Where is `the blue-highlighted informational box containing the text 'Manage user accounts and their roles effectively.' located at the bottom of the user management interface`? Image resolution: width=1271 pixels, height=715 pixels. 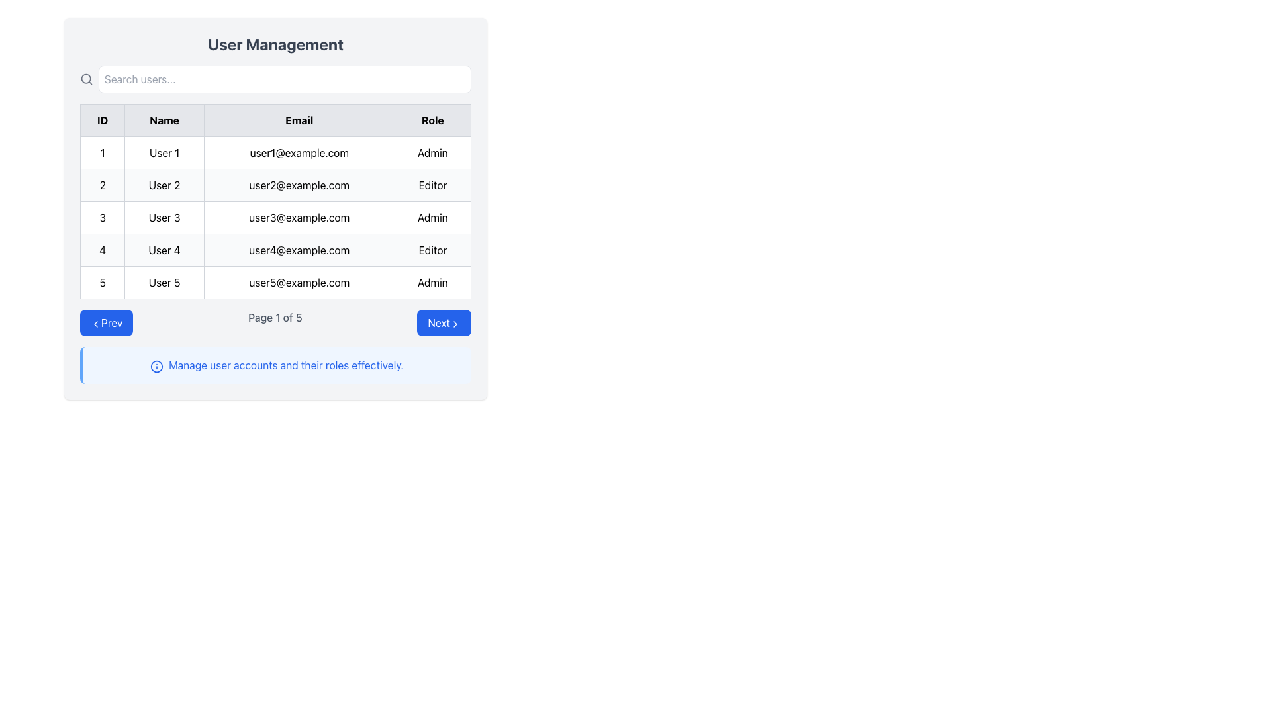
the blue-highlighted informational box containing the text 'Manage user accounts and their roles effectively.' located at the bottom of the user management interface is located at coordinates (275, 365).